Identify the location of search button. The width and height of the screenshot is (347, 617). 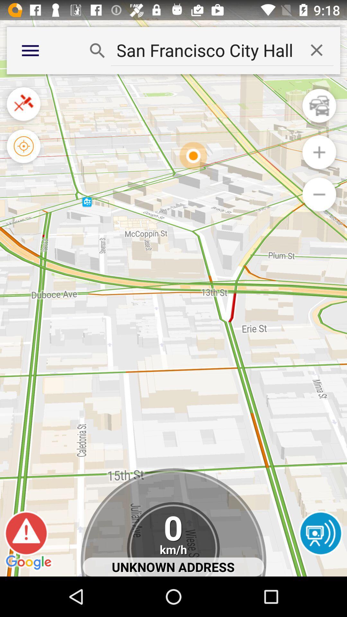
(97, 50).